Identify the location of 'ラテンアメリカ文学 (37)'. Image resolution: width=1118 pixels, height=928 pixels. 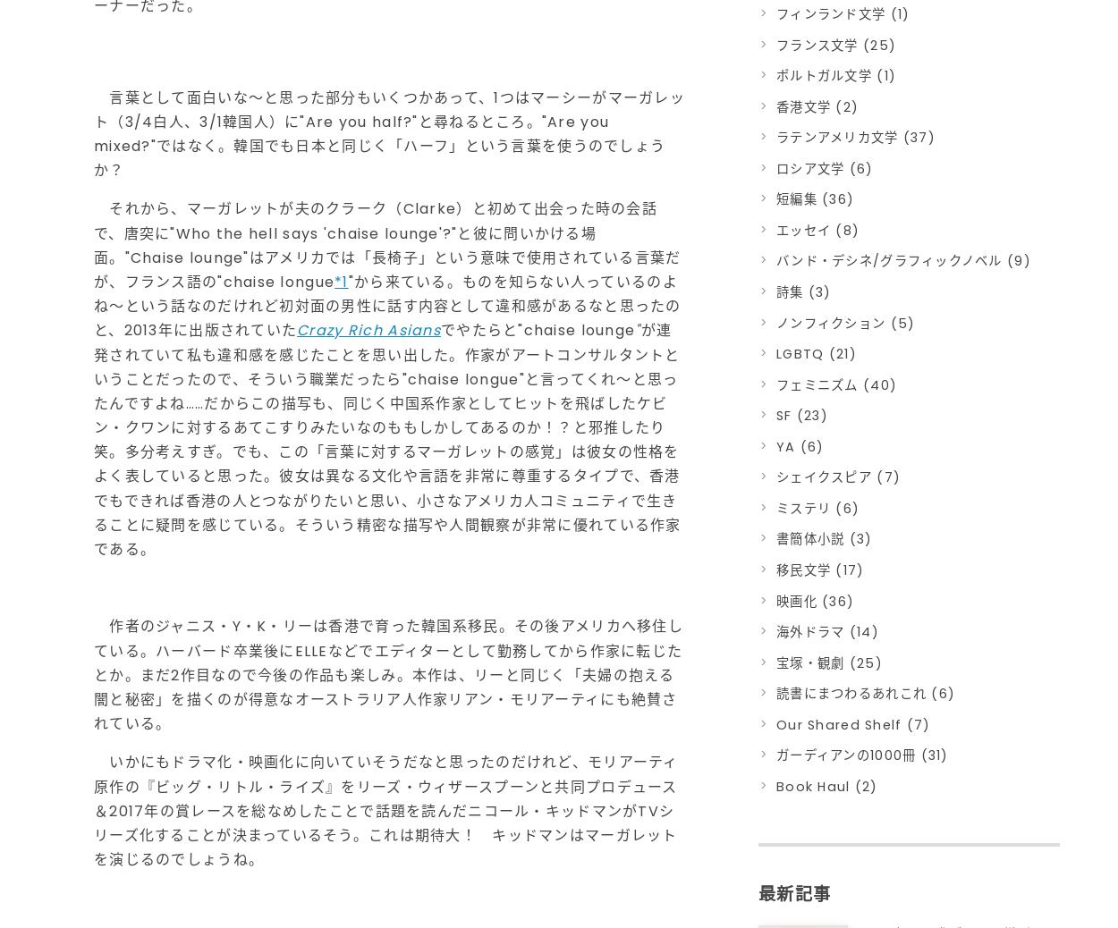
(854, 137).